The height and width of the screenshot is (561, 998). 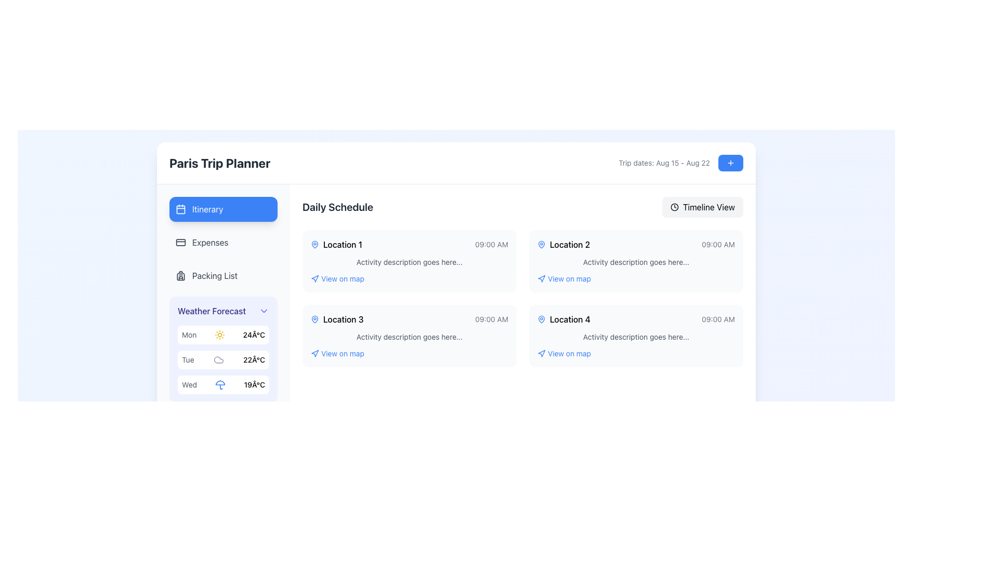 What do you see at coordinates (636, 278) in the screenshot?
I see `the hyperlink labeled 'View on map' for 'Location 2'` at bounding box center [636, 278].